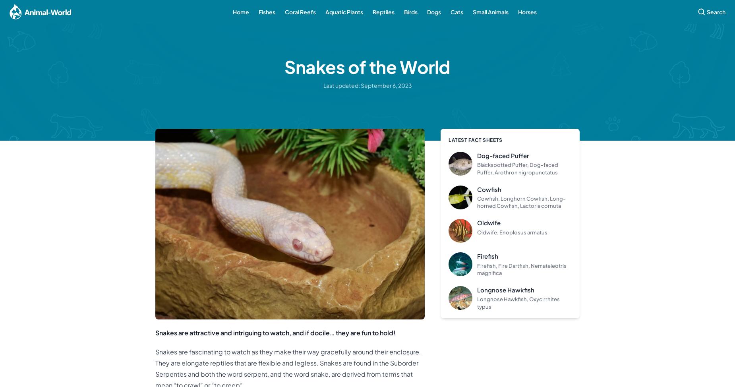  I want to click on 'Cats', so click(456, 12).